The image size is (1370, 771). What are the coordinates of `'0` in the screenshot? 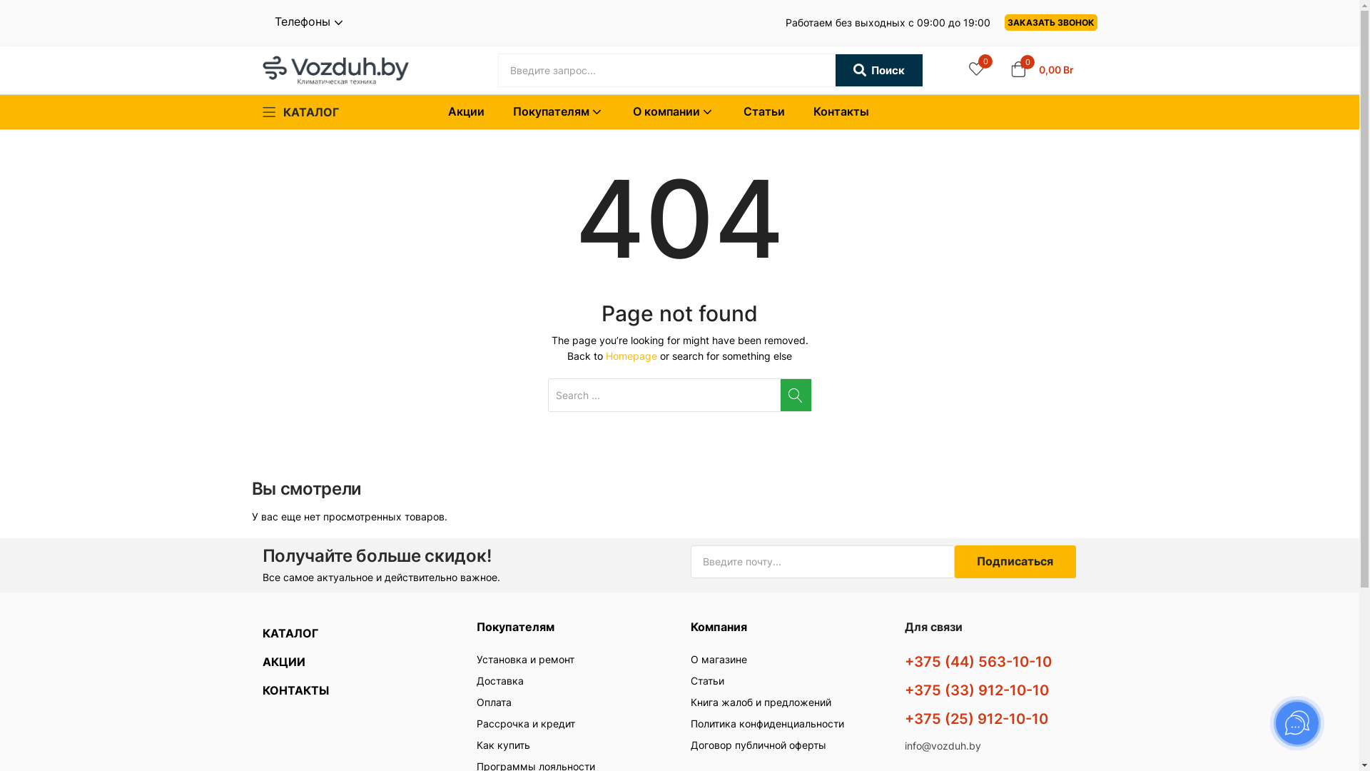 It's located at (1010, 70).